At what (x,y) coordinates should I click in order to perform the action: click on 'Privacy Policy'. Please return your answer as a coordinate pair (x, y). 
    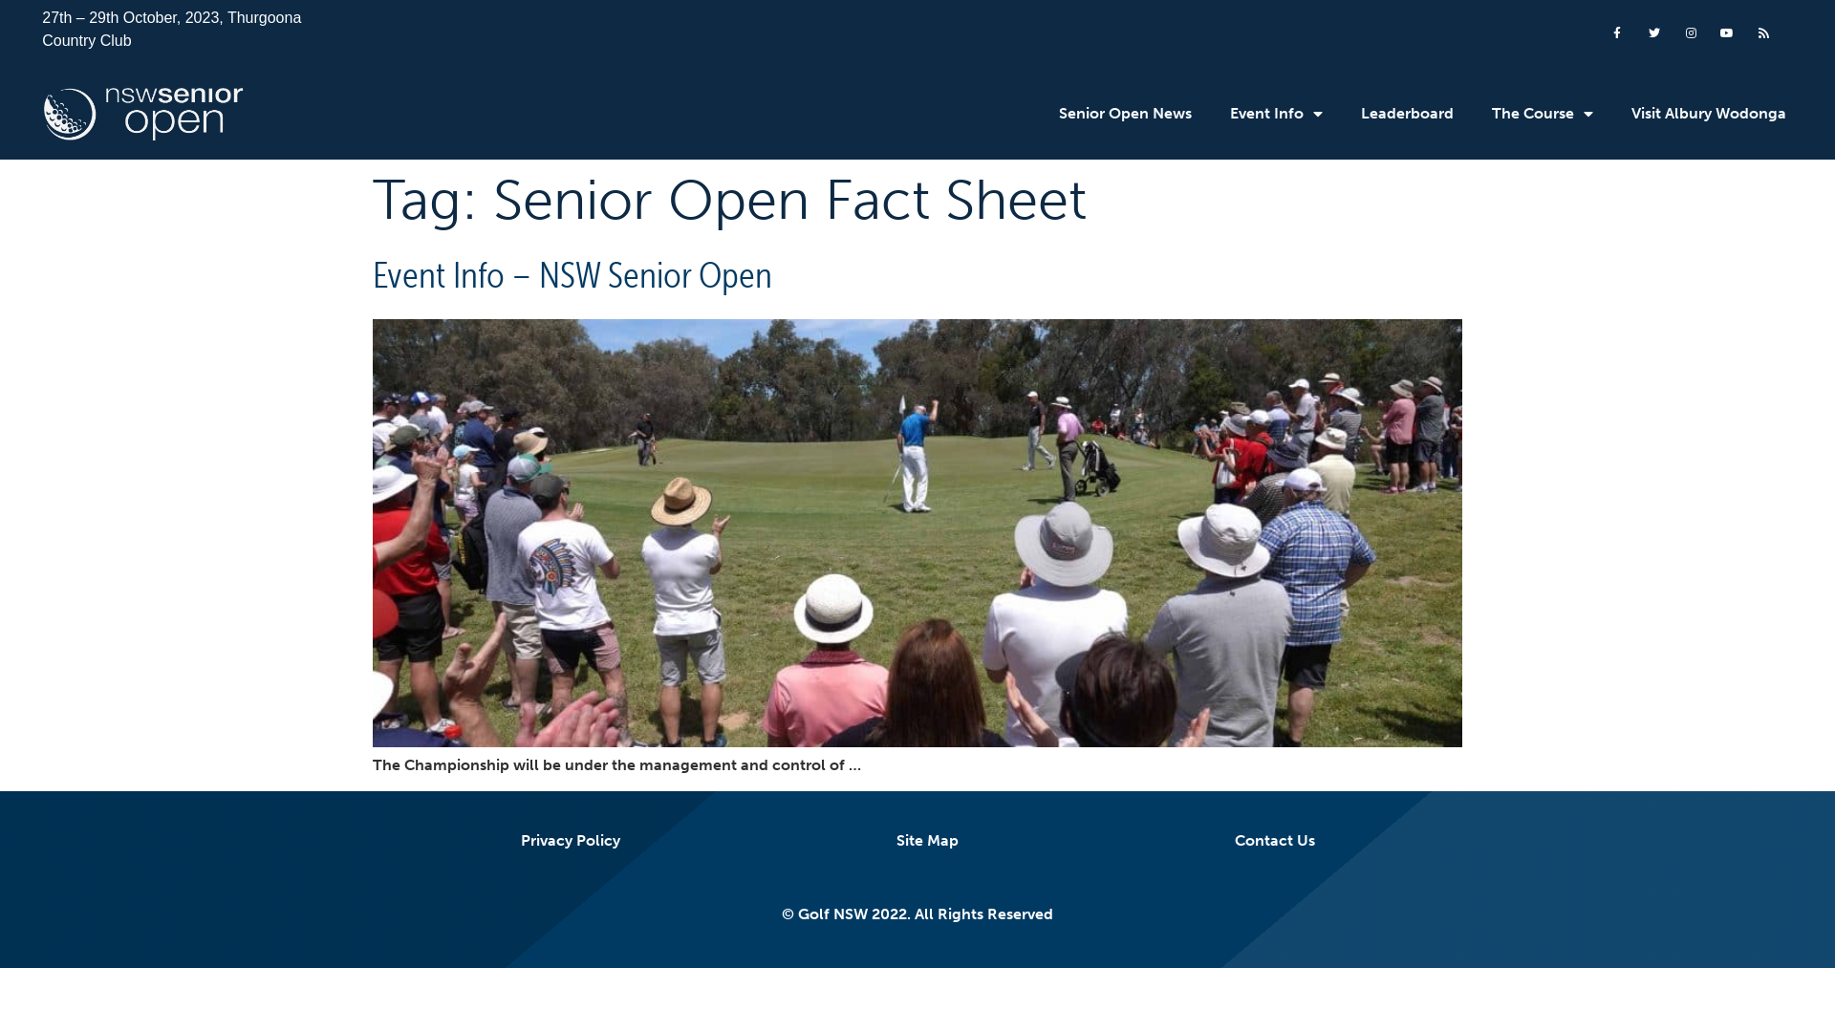
    Looking at the image, I should click on (569, 839).